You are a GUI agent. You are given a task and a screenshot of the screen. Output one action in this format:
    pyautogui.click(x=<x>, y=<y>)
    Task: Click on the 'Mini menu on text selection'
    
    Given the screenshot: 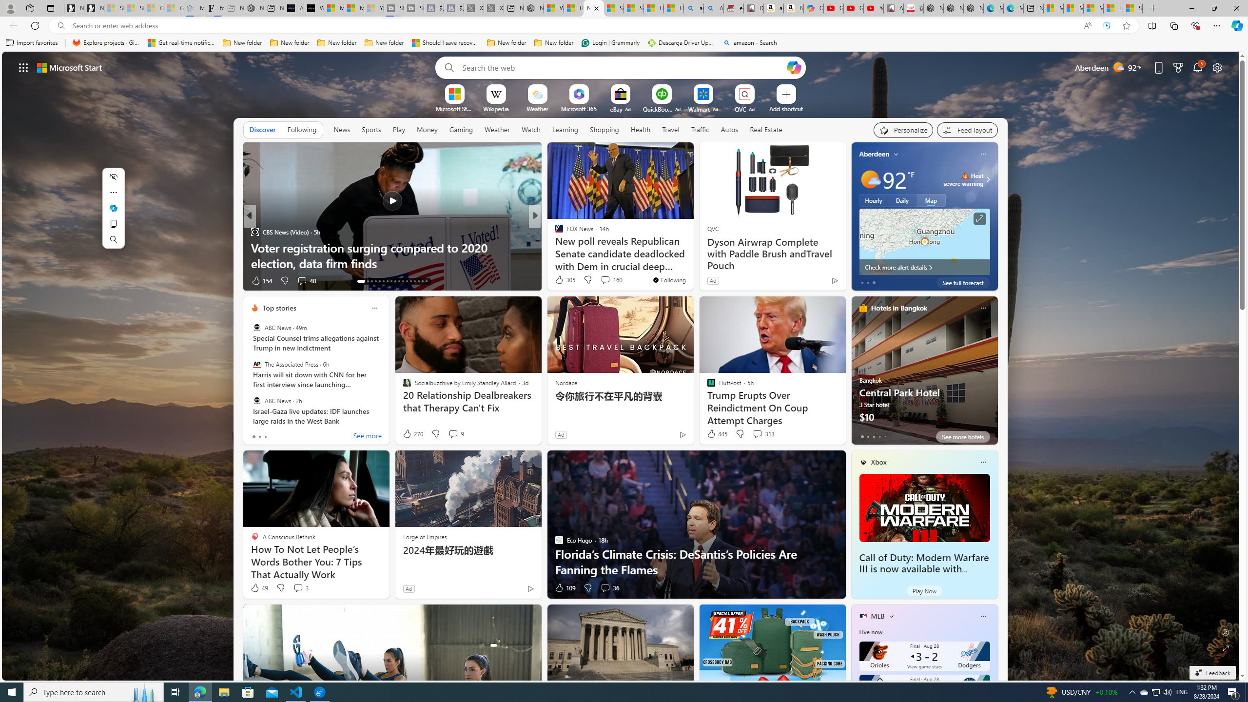 What is the action you would take?
    pyautogui.click(x=113, y=214)
    